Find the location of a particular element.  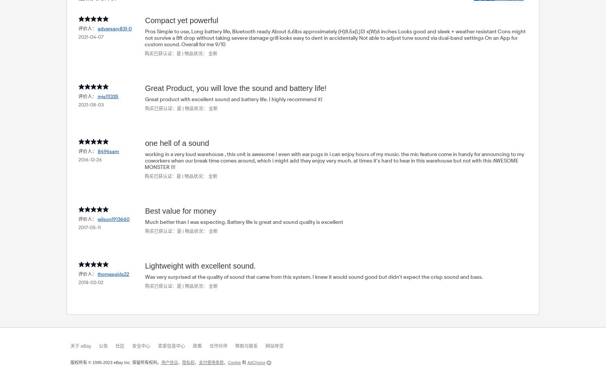

'thomasgirls22' is located at coordinates (113, 273).